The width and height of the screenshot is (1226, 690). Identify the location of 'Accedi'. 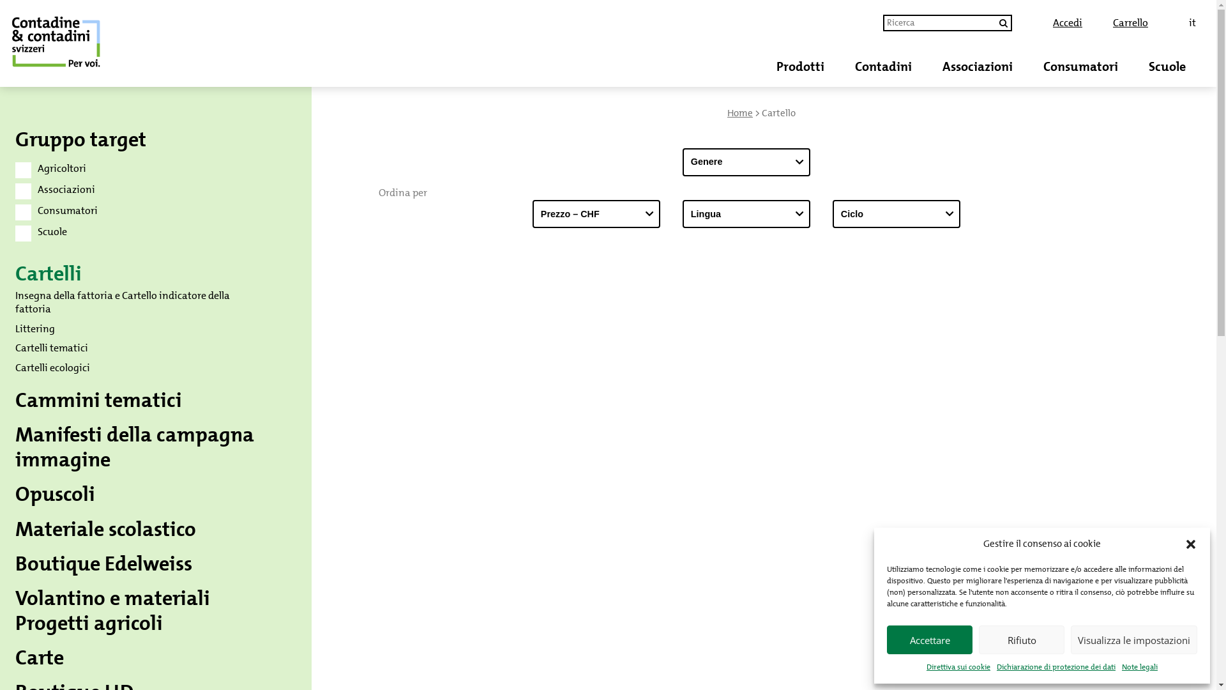
(1067, 22).